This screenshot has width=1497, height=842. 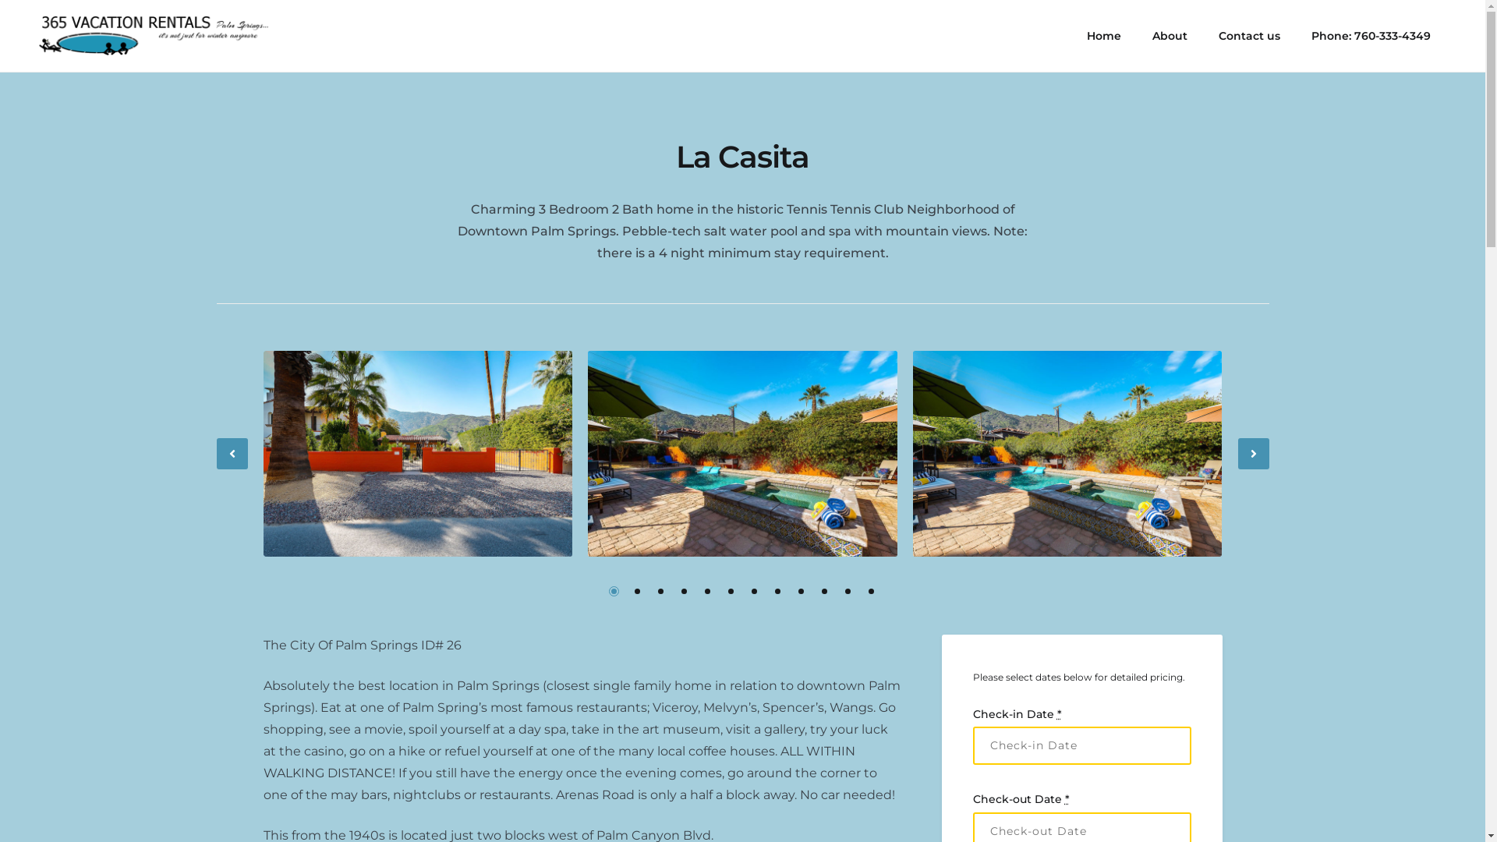 I want to click on '5', so click(x=706, y=591).